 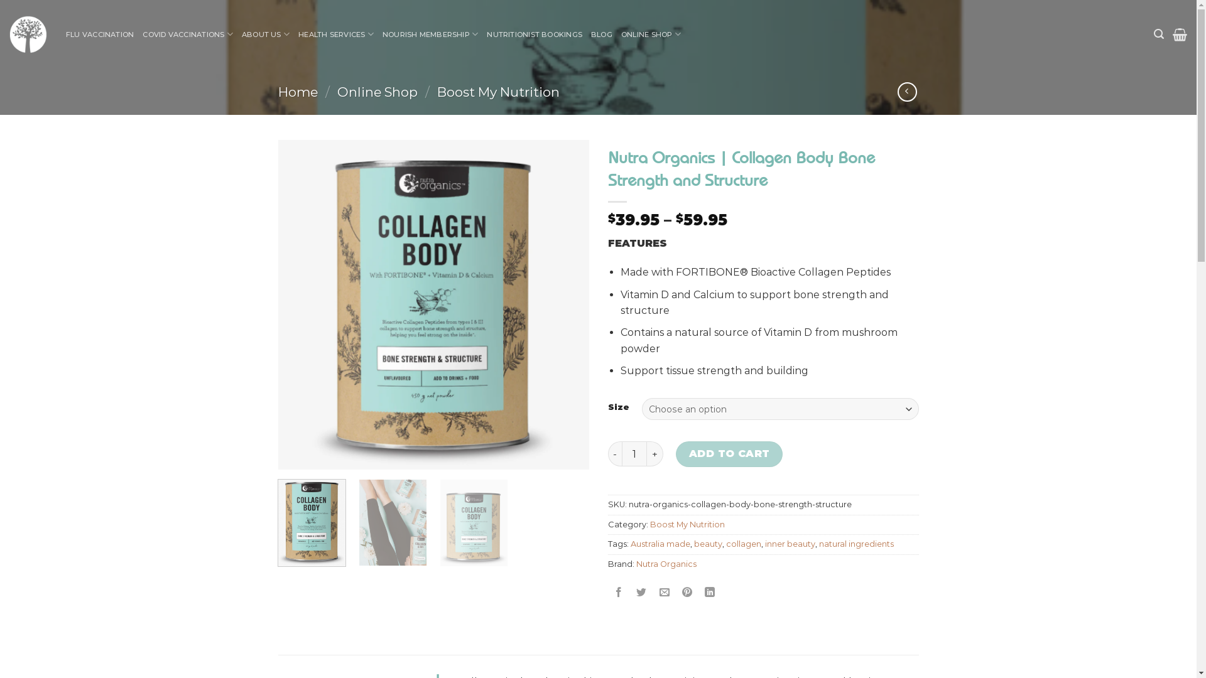 I want to click on 'NUTRITIONIST BOOKINGS', so click(x=534, y=33).